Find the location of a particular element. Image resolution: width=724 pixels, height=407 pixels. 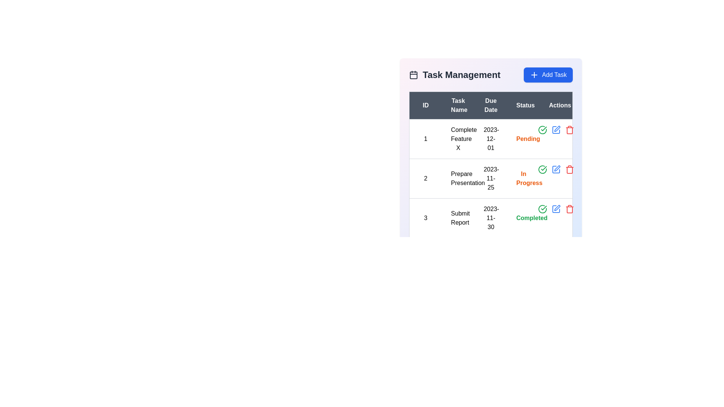

the small green checkmark icon in the 'Actions' column of the third row of the table, which indicates the completion of the 'Submit Report' task is located at coordinates (544, 208).